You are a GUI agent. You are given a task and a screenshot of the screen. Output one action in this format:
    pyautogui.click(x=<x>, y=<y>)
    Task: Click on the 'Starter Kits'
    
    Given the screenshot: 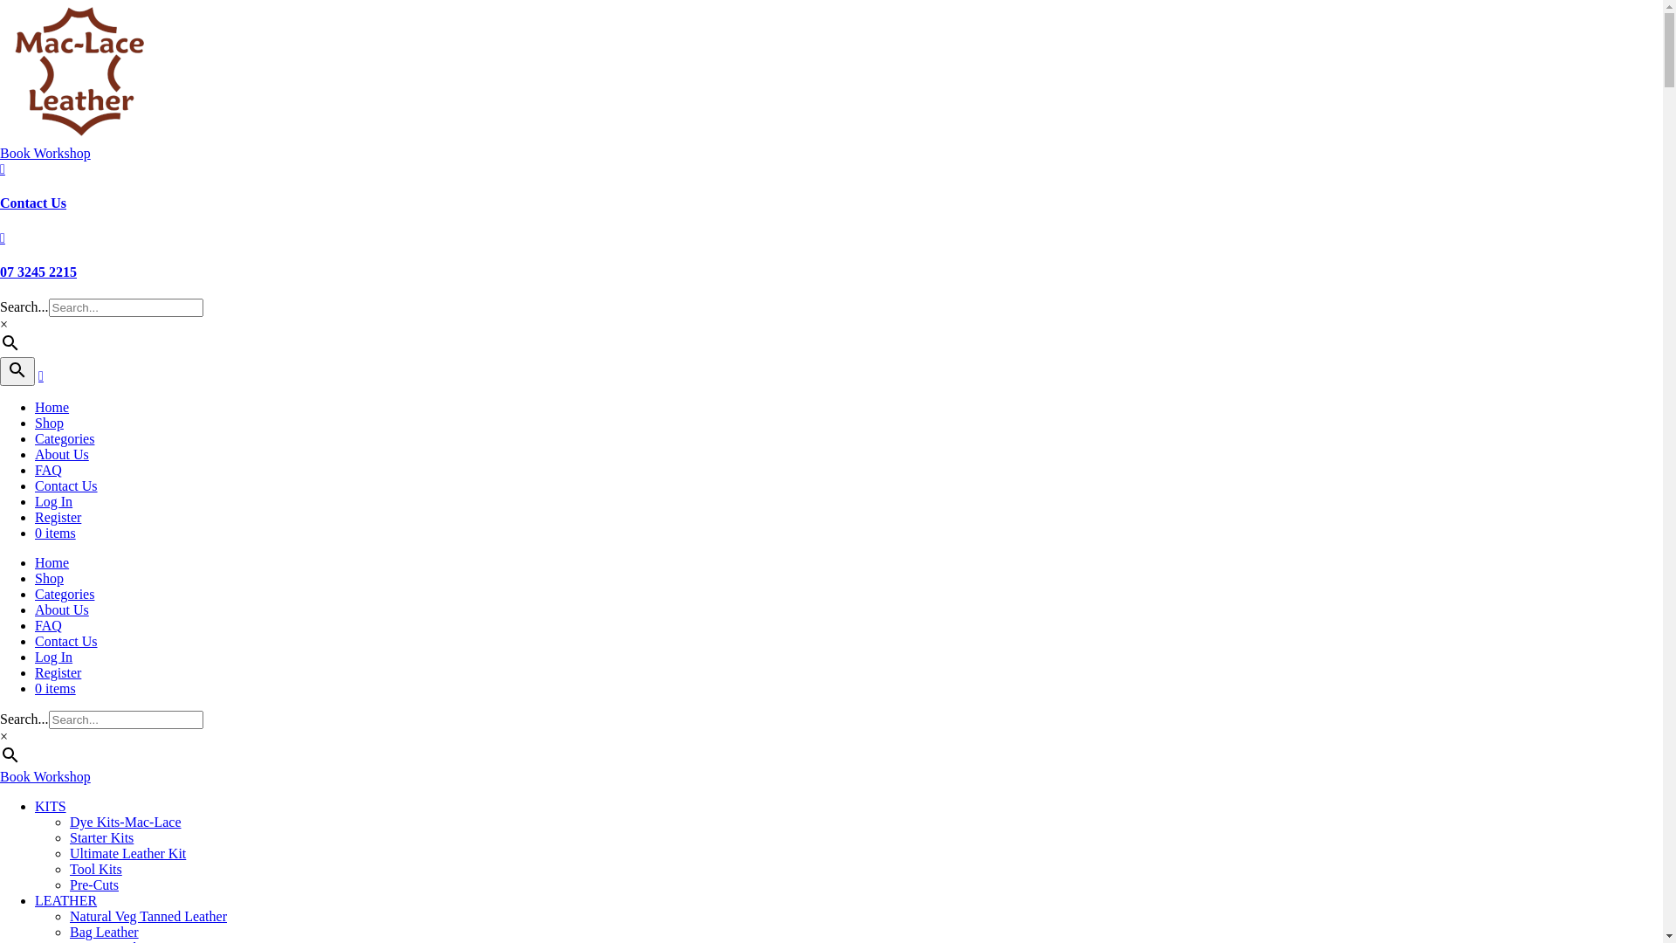 What is the action you would take?
    pyautogui.click(x=100, y=836)
    